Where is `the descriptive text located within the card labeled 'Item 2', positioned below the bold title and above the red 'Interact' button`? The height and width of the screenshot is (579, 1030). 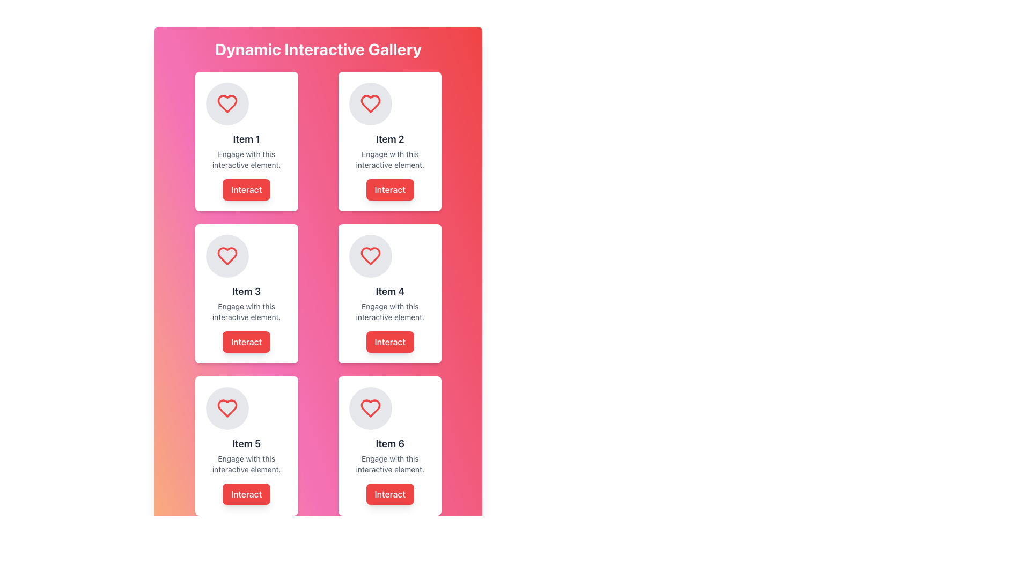
the descriptive text located within the card labeled 'Item 2', positioned below the bold title and above the red 'Interact' button is located at coordinates (389, 159).